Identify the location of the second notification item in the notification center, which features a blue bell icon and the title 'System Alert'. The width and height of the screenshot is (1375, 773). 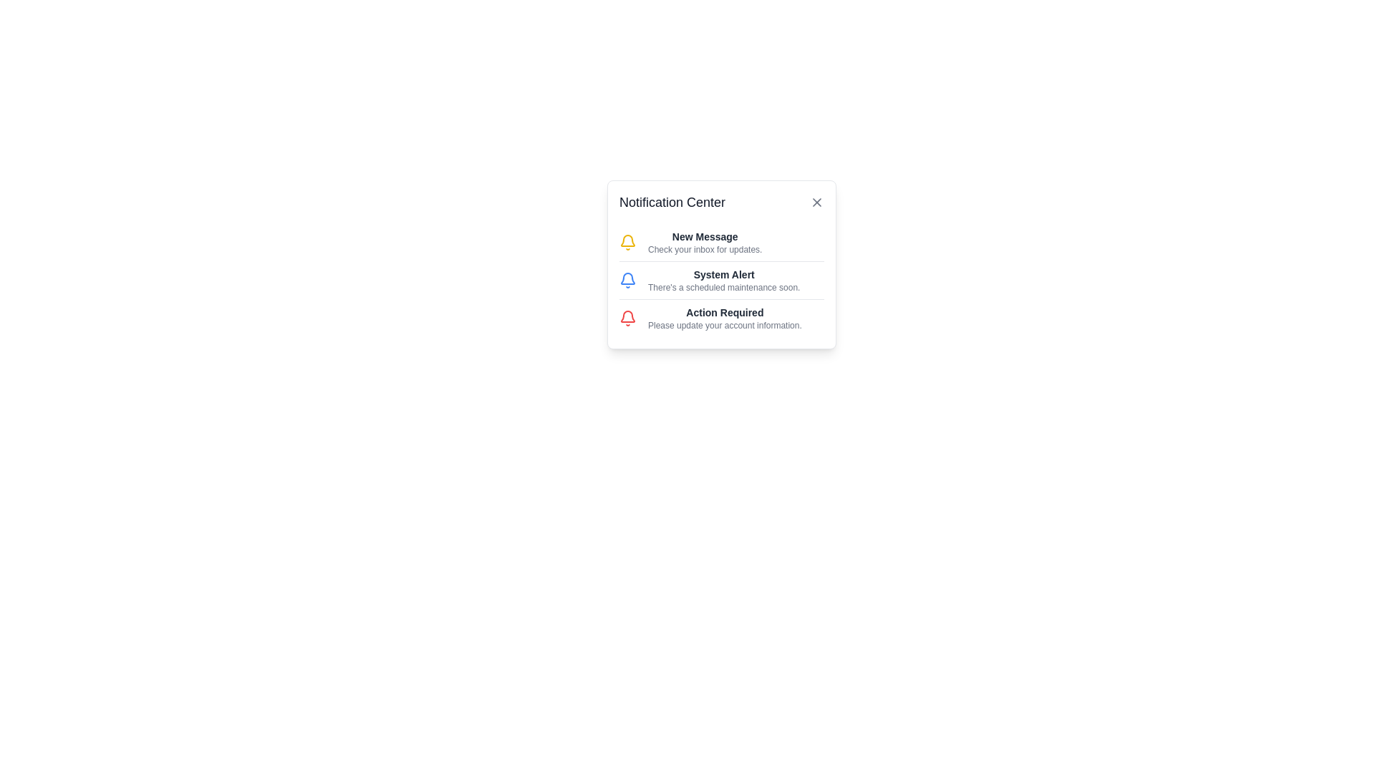
(722, 280).